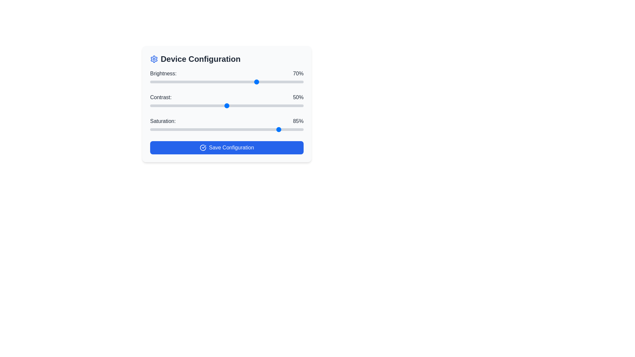 This screenshot has height=357, width=635. I want to click on and drag the brightness slider control with a blue knob to change the brightness level from its current value of 70%, so click(227, 77).